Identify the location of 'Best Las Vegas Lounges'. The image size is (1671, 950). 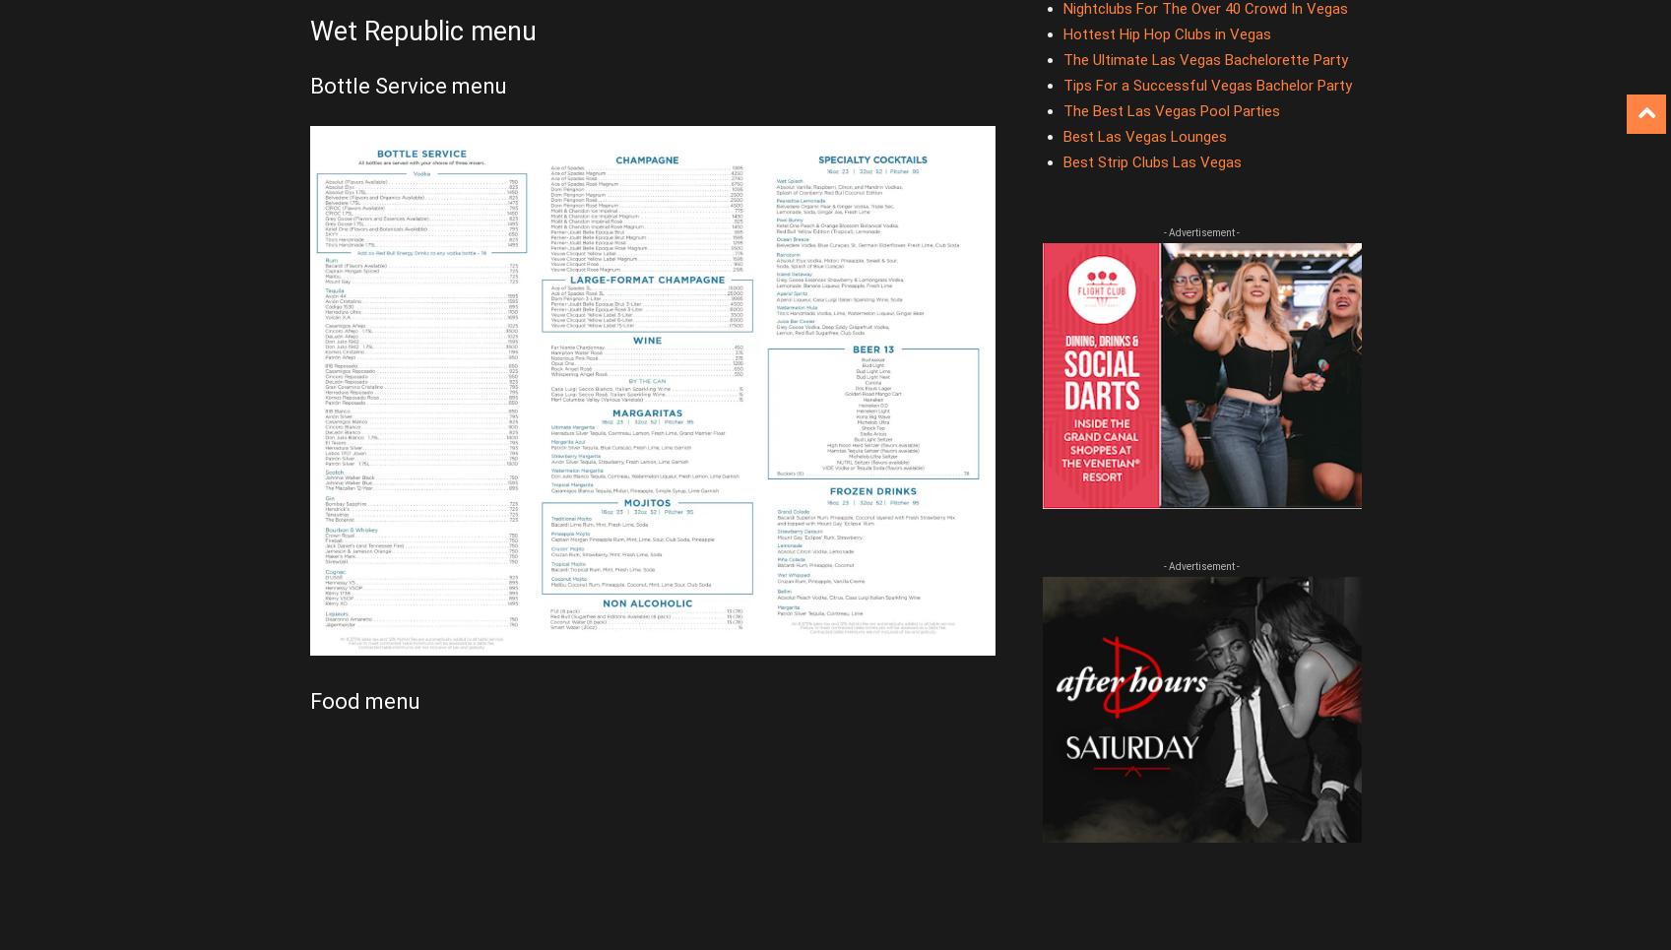
(1060, 136).